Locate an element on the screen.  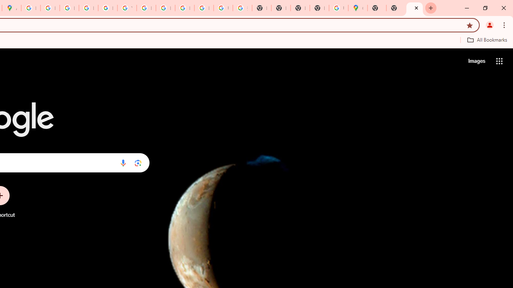
'YouTube' is located at coordinates (126, 8).